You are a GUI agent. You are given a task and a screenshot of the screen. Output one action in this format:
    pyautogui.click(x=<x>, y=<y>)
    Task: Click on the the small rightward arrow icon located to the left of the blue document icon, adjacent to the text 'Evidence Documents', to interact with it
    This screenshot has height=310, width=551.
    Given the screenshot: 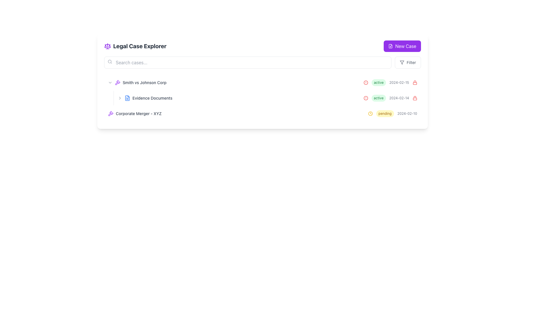 What is the action you would take?
    pyautogui.click(x=119, y=98)
    